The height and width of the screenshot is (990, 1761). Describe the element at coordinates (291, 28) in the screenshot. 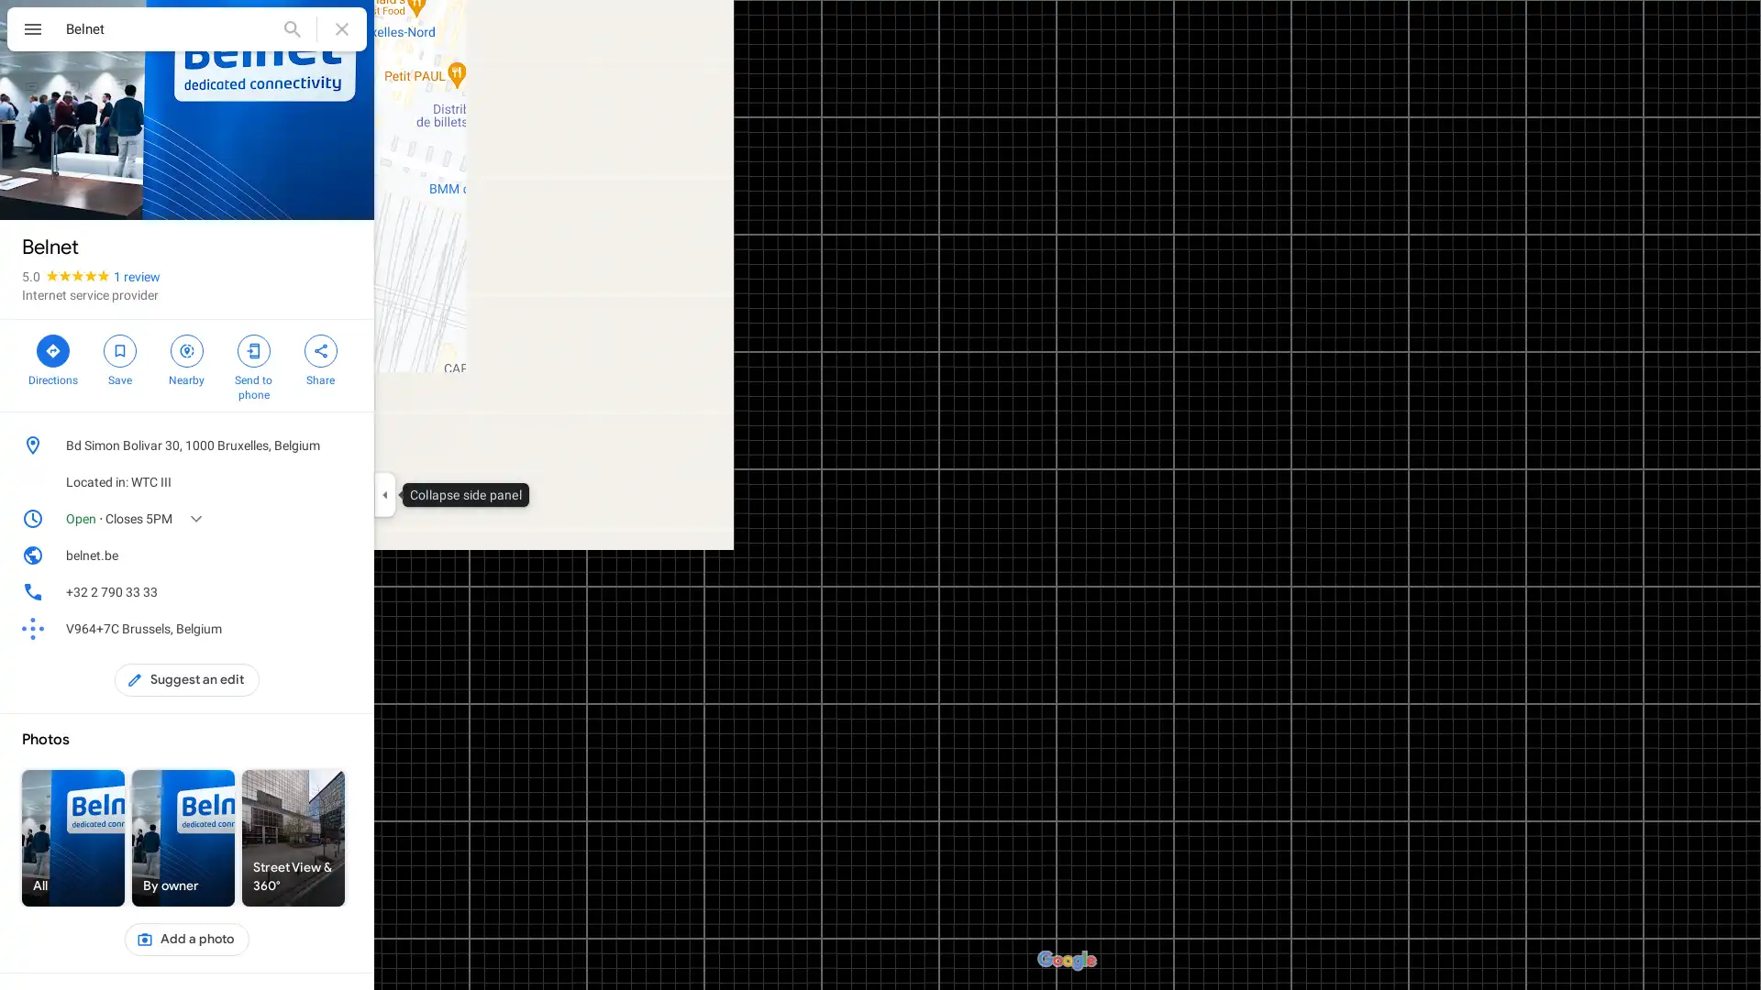

I see `Search` at that location.